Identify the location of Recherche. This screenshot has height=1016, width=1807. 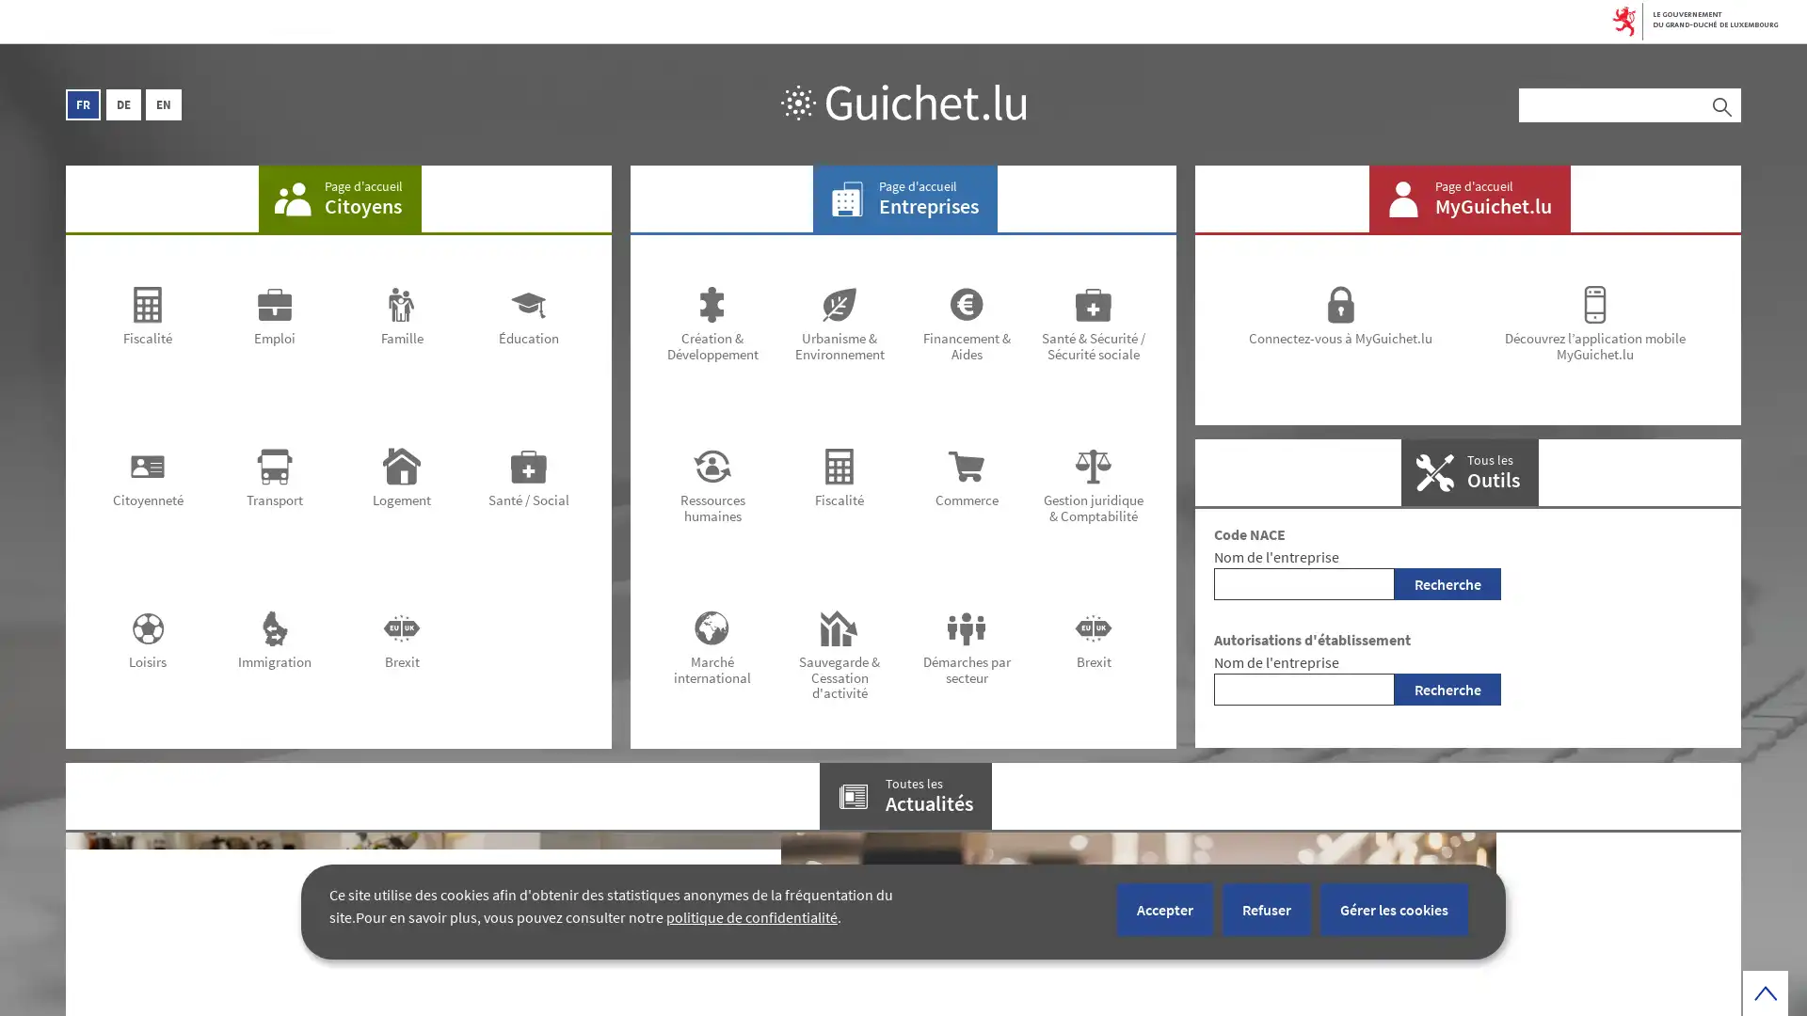
(1446, 689).